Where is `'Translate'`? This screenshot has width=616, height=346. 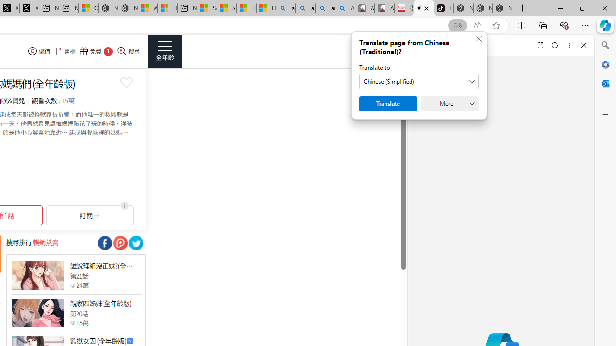
'Translate' is located at coordinates (388, 104).